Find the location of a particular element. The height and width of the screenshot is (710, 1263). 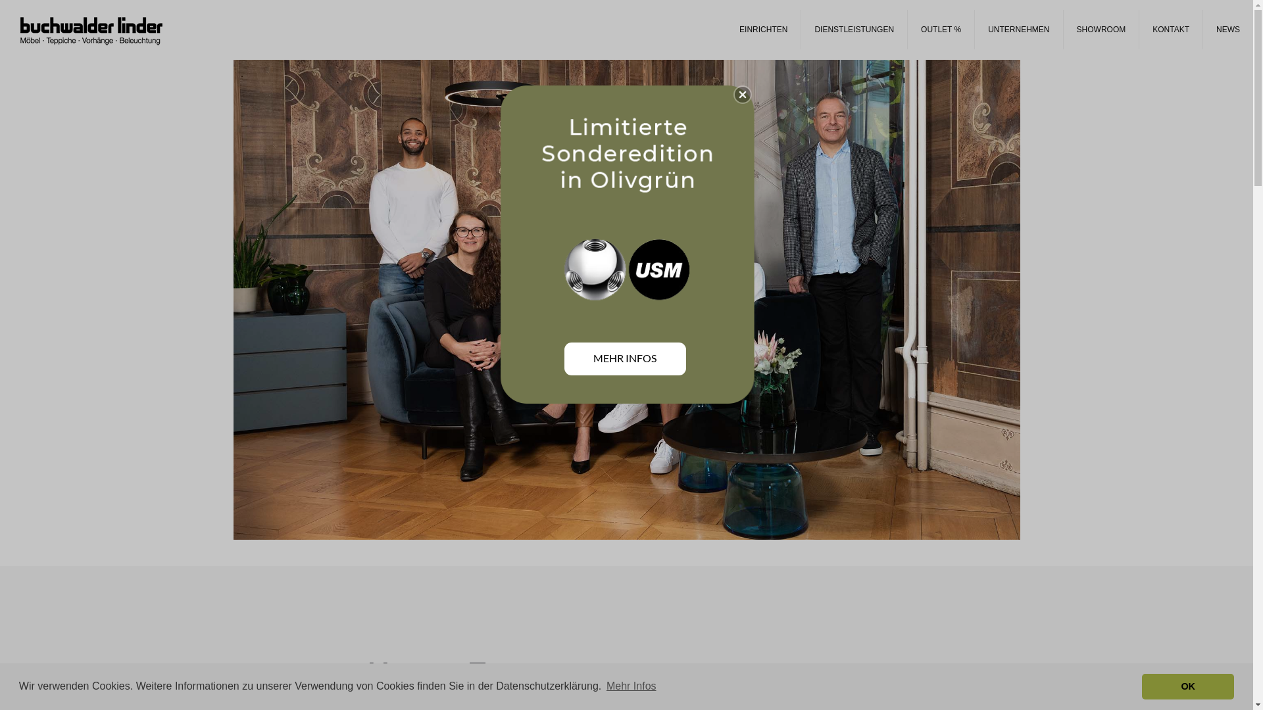

'DIENSTLEISTUNGEN' is located at coordinates (854, 30).